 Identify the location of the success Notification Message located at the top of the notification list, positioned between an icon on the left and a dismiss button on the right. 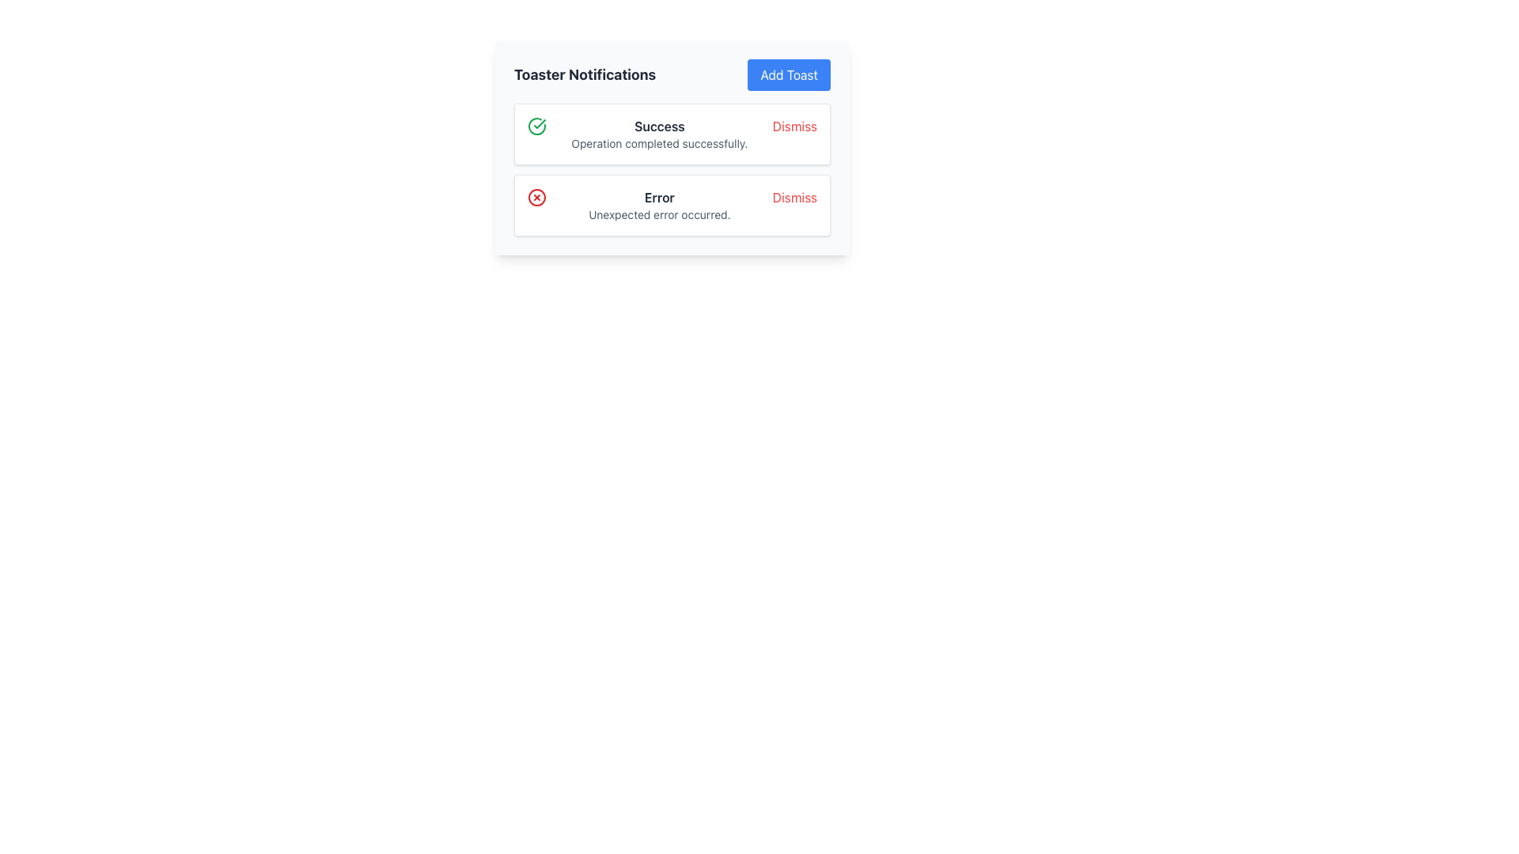
(659, 133).